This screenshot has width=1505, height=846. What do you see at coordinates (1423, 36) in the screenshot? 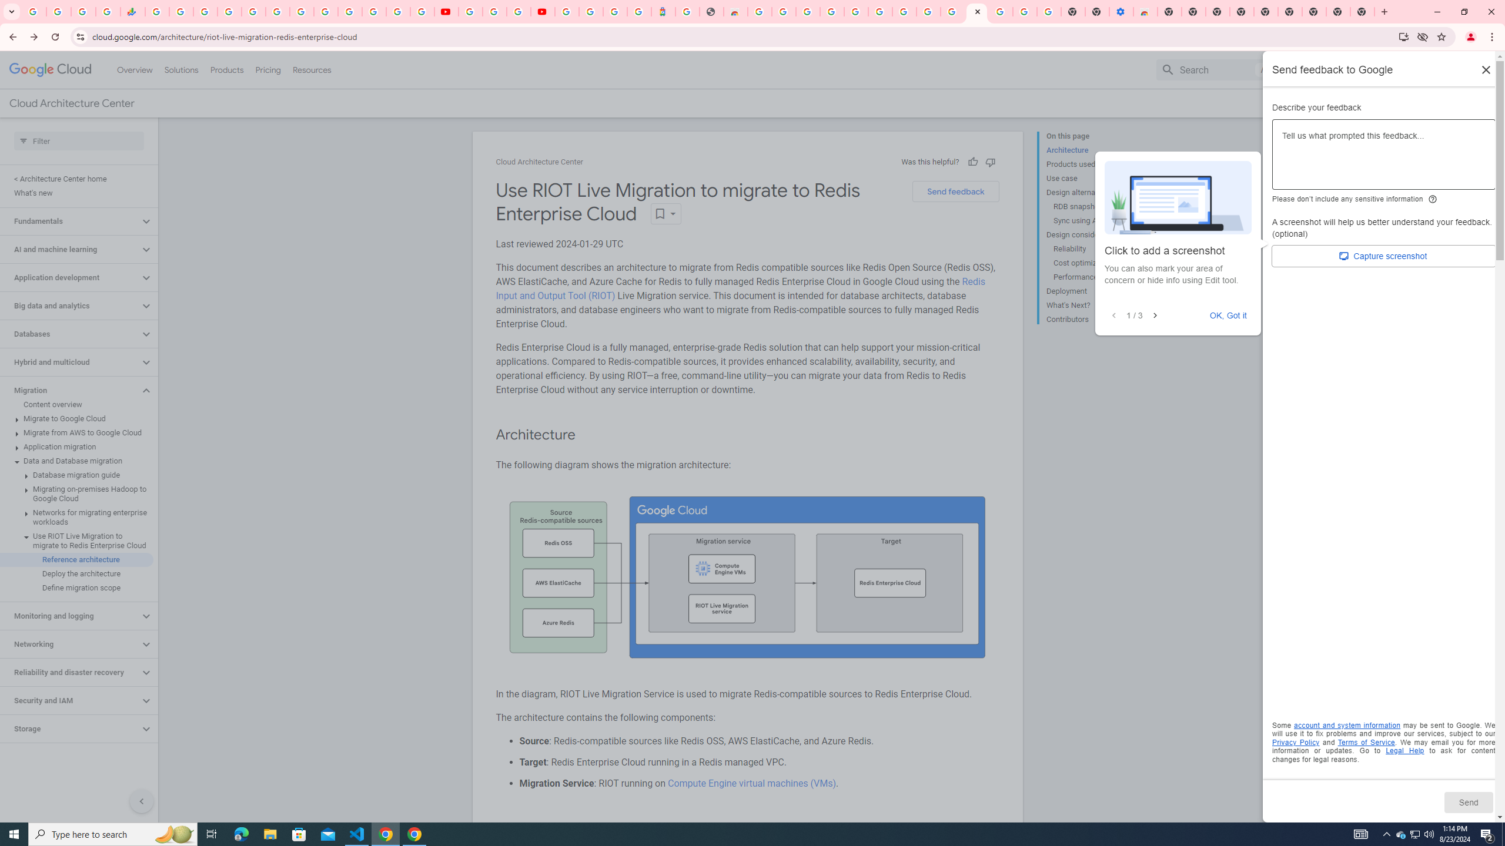
I see `'Third-party cookies blocked'` at bounding box center [1423, 36].